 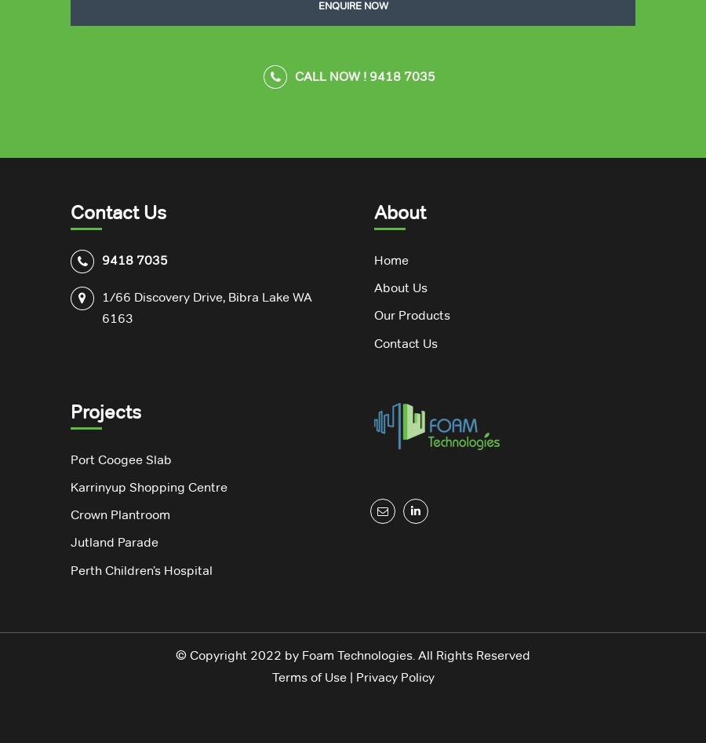 I want to click on '|', so click(x=351, y=676).